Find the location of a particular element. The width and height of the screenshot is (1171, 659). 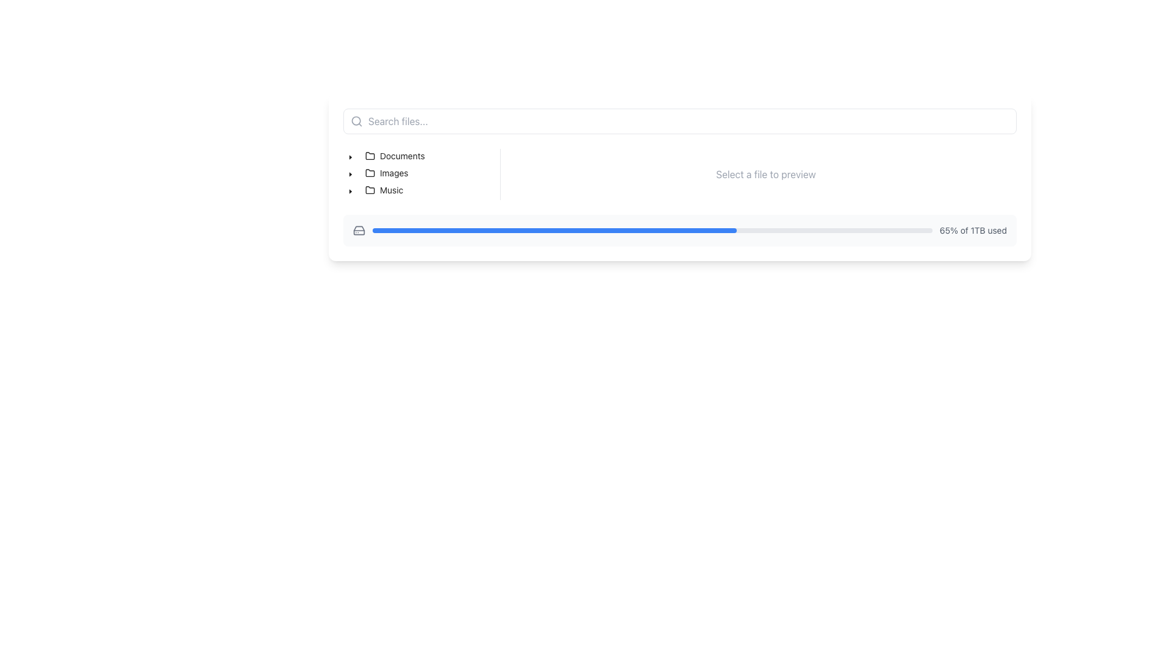

the 'Images' Tree View Item in the file navigator is located at coordinates (378, 173).